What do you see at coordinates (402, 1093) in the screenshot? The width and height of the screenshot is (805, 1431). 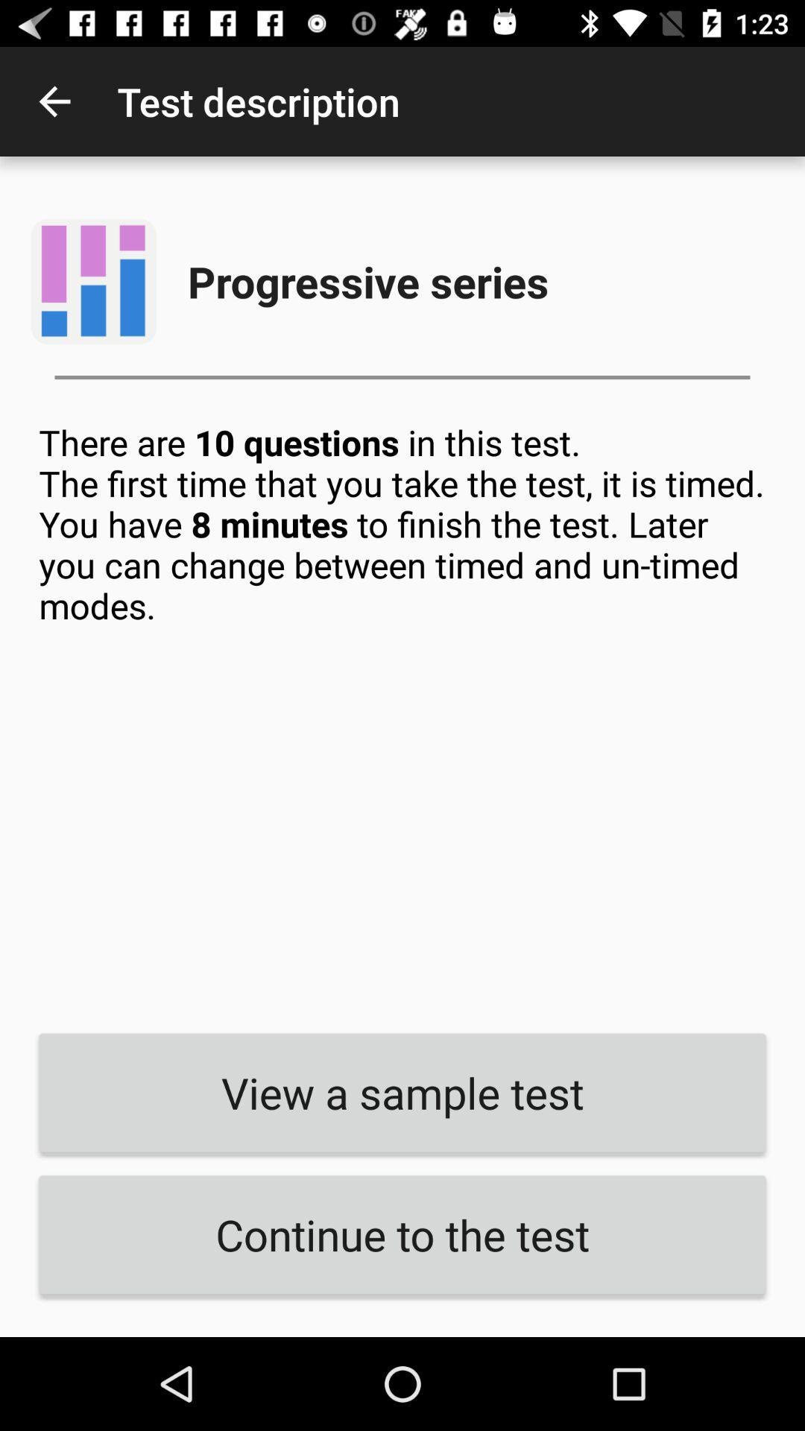 I see `the view a sample` at bounding box center [402, 1093].